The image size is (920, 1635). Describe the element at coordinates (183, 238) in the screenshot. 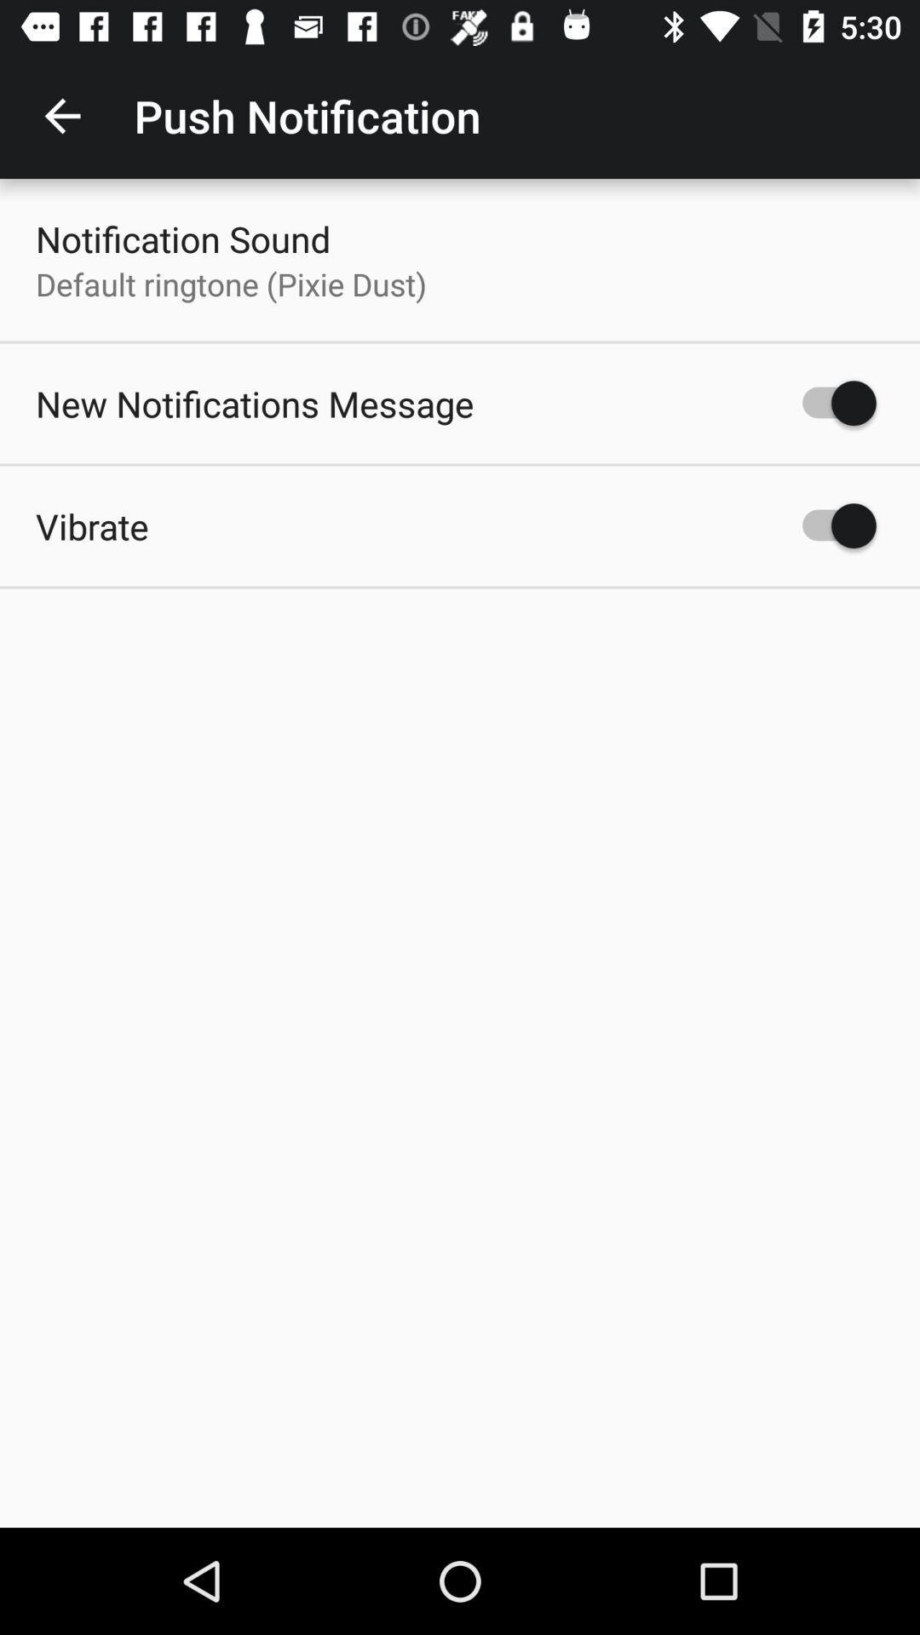

I see `icon above the default ringtone pixie` at that location.